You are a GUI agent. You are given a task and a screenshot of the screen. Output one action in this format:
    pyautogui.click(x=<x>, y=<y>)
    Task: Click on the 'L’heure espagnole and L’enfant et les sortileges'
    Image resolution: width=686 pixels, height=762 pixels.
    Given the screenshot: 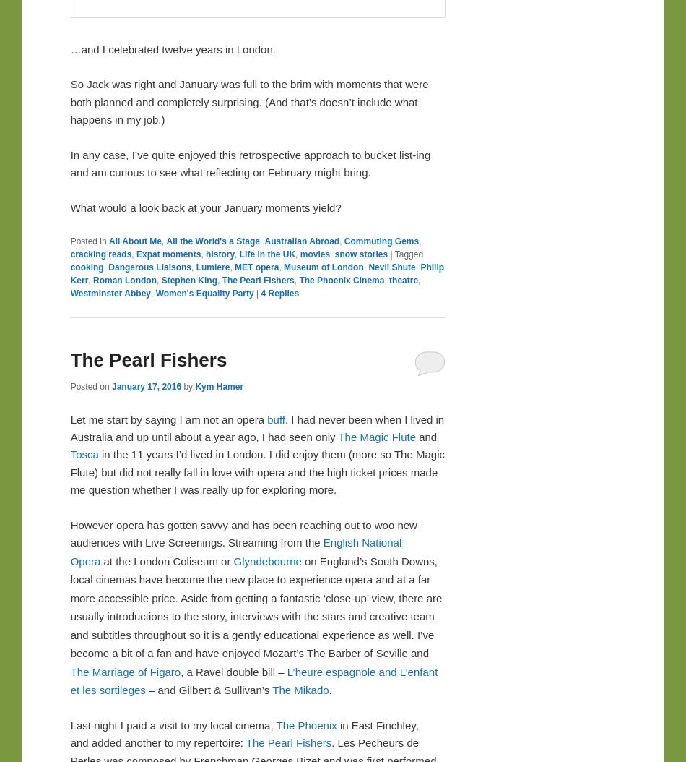 What is the action you would take?
    pyautogui.click(x=253, y=680)
    